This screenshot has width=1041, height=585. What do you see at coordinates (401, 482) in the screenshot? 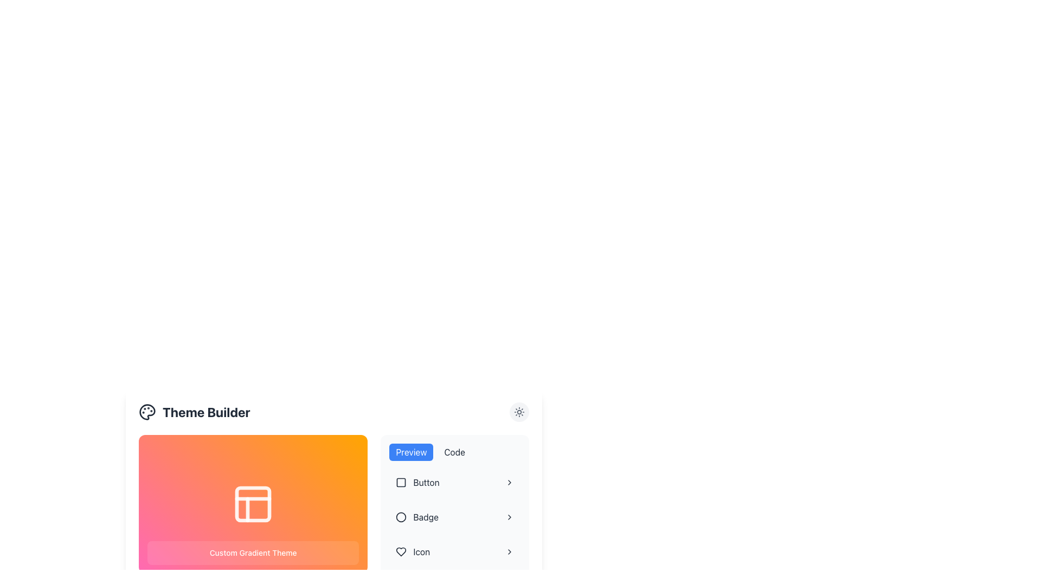
I see `the checkbox-like icon that is the leftmost visual indicator within the button labeled 'Button'` at bounding box center [401, 482].